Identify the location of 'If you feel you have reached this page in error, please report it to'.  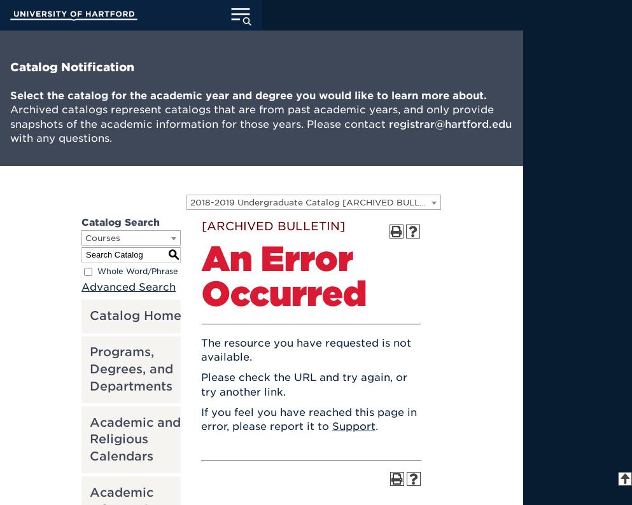
(307, 419).